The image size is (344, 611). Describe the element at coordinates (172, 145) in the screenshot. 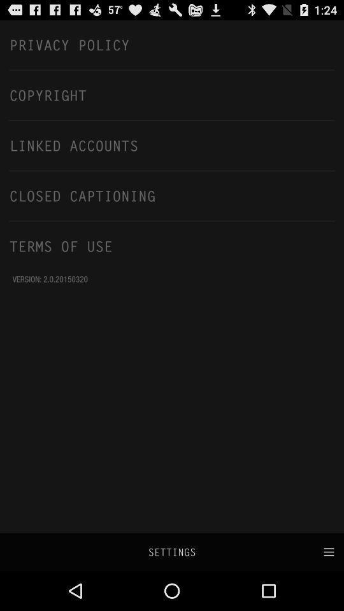

I see `linked accounts` at that location.